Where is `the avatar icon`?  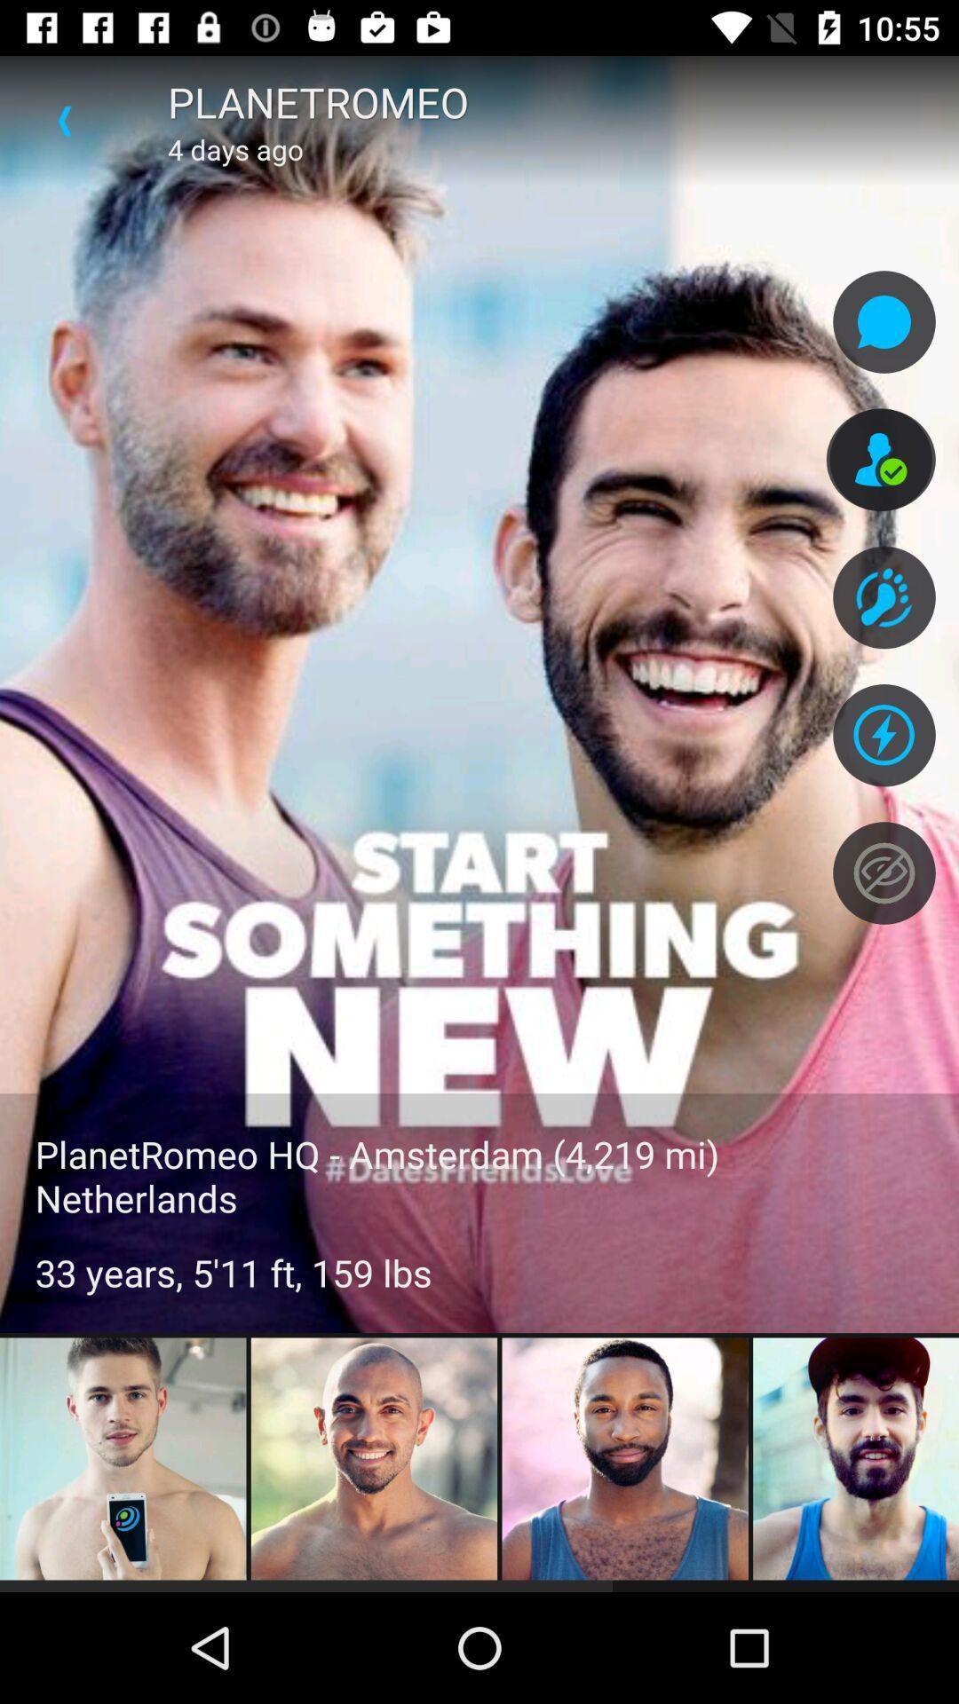 the avatar icon is located at coordinates (881, 460).